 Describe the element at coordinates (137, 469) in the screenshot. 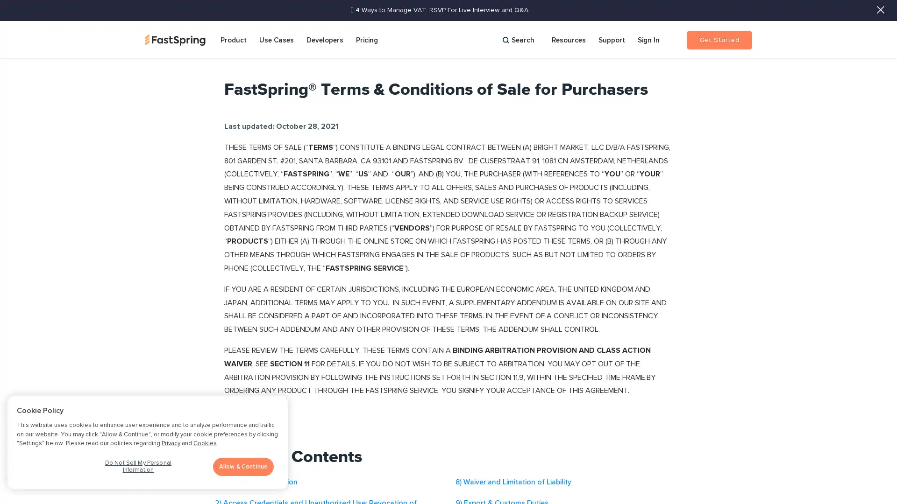

I see `Do Not Sell My Personal Information` at that location.